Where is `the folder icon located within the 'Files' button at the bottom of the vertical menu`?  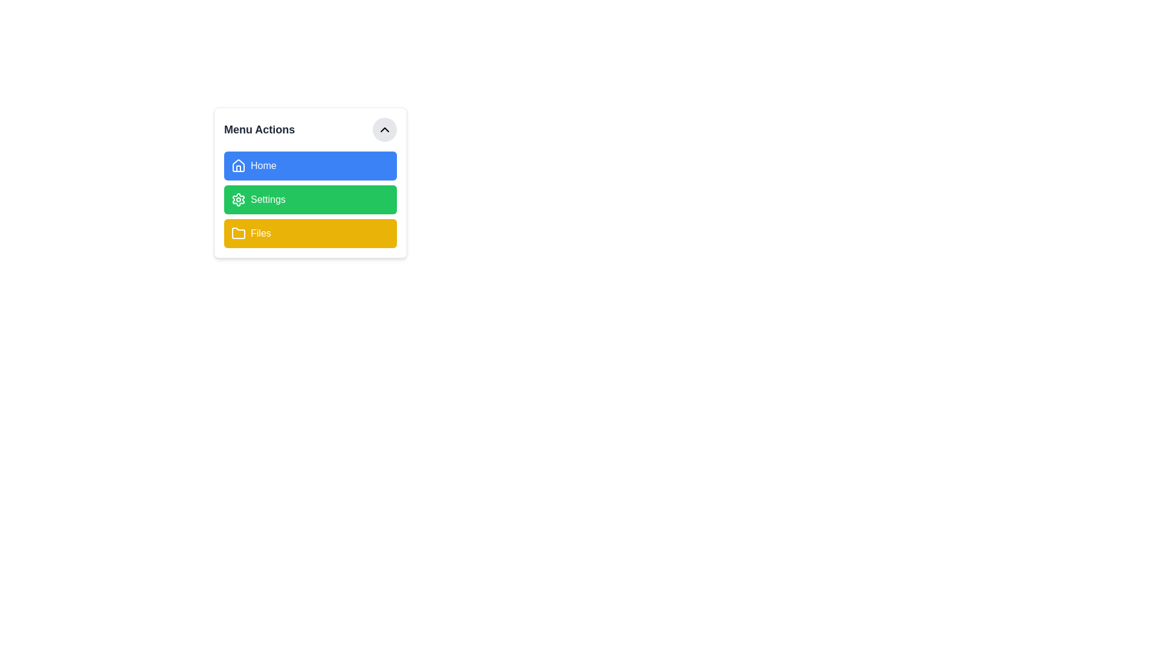
the folder icon located within the 'Files' button at the bottom of the vertical menu is located at coordinates (238, 233).